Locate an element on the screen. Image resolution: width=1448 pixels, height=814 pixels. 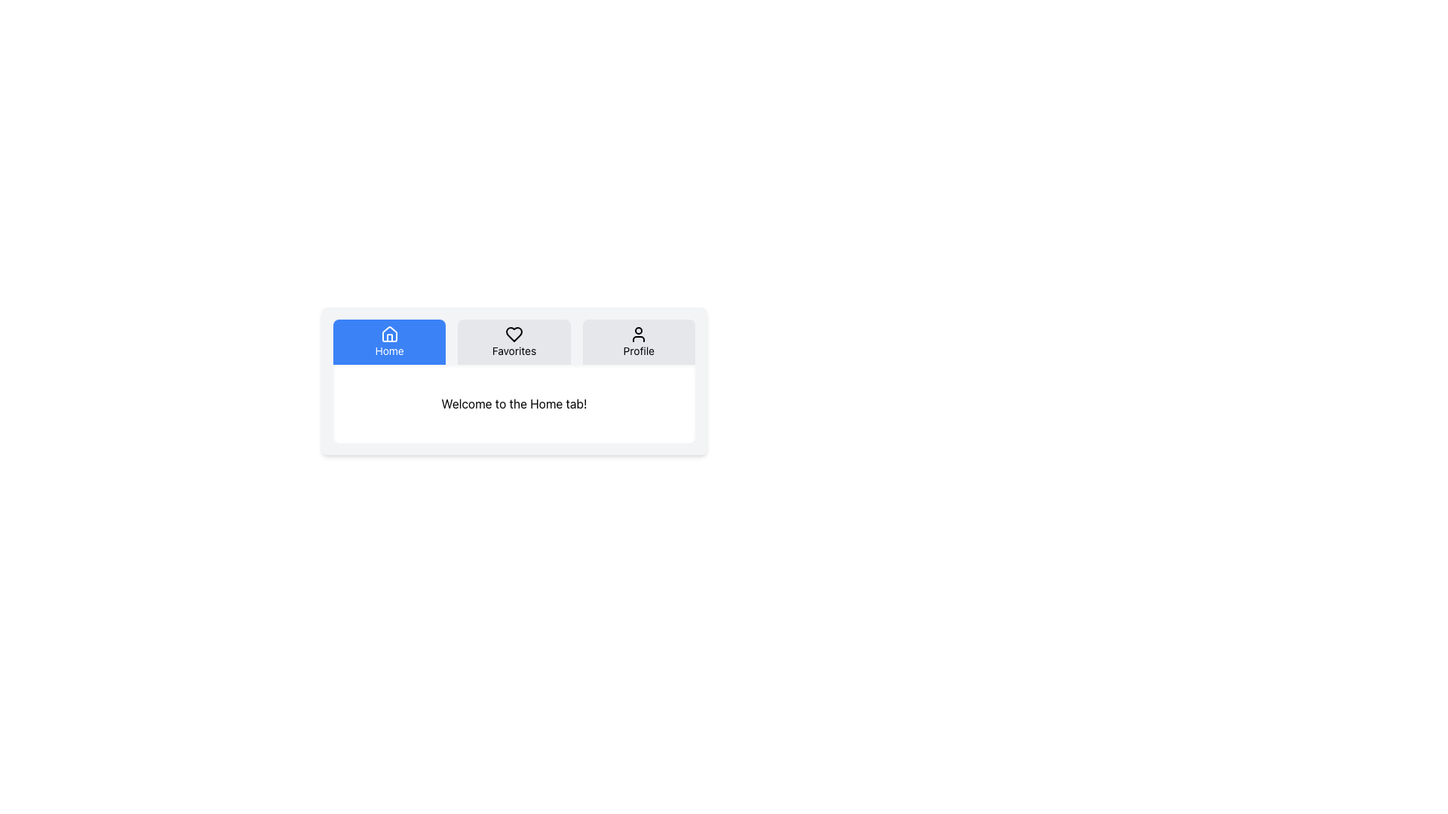
the user icon outlined in black located in the Profile tab at the rightmost segment of the horizontal navigation bar is located at coordinates (639, 333).